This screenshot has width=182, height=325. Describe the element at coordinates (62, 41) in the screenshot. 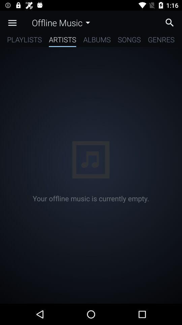

I see `text artists` at that location.